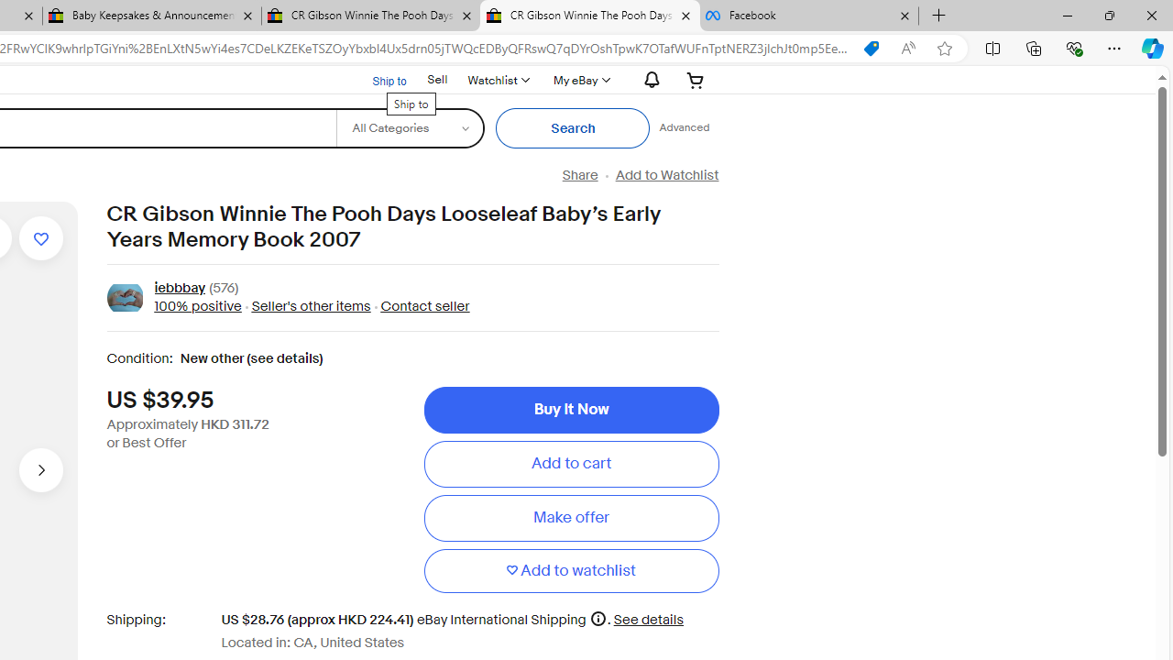  What do you see at coordinates (871, 48) in the screenshot?
I see `'You have the best price!'` at bounding box center [871, 48].